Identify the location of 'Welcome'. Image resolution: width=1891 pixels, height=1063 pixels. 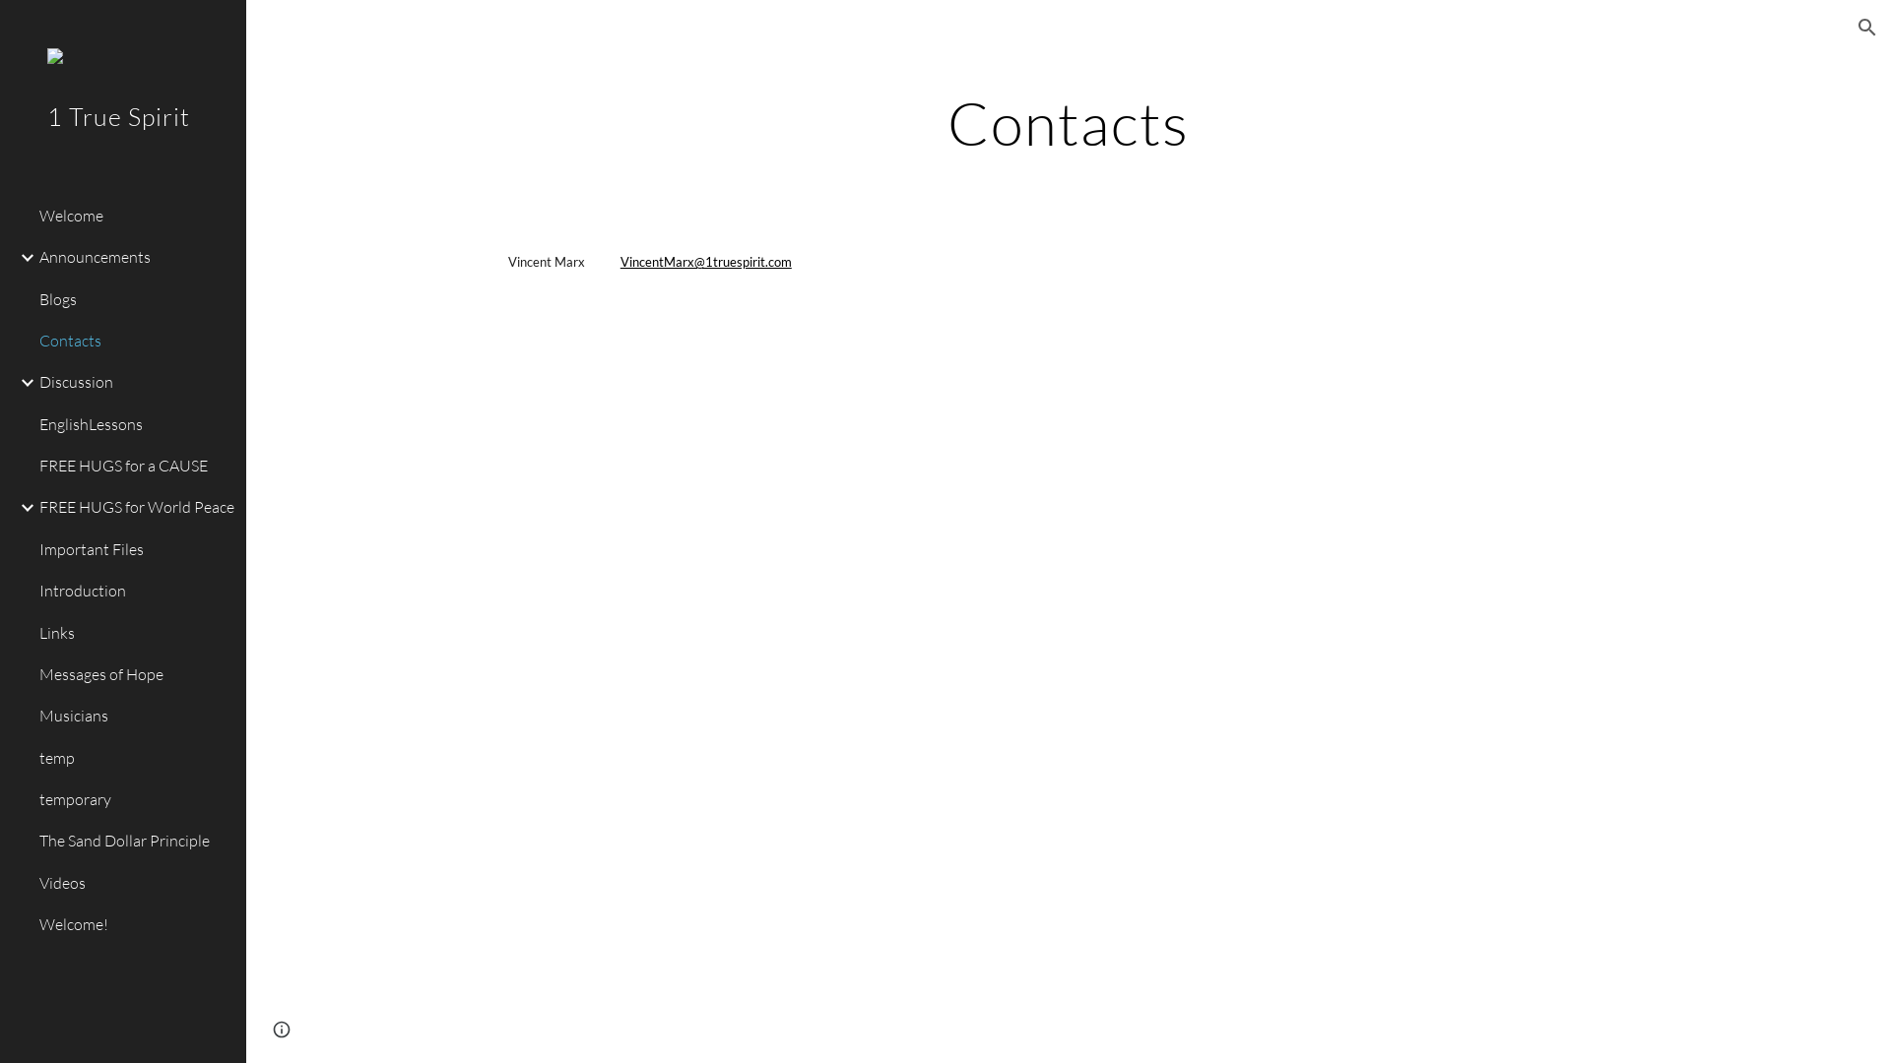
(134, 216).